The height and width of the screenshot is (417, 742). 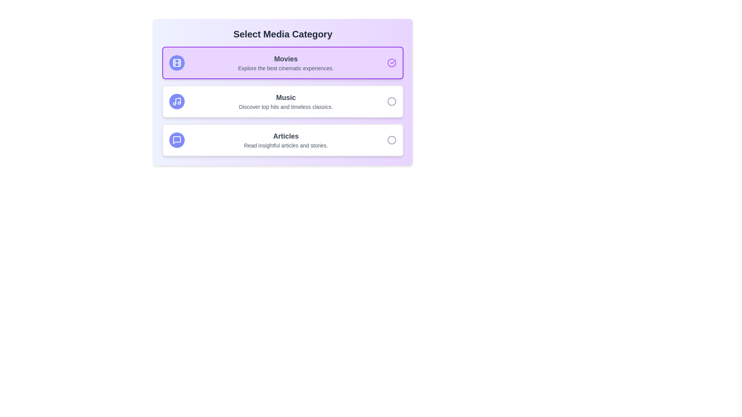 I want to click on the SVG-based circular icon located at the far right side of the 'Articles' selection card for more options, so click(x=391, y=140).